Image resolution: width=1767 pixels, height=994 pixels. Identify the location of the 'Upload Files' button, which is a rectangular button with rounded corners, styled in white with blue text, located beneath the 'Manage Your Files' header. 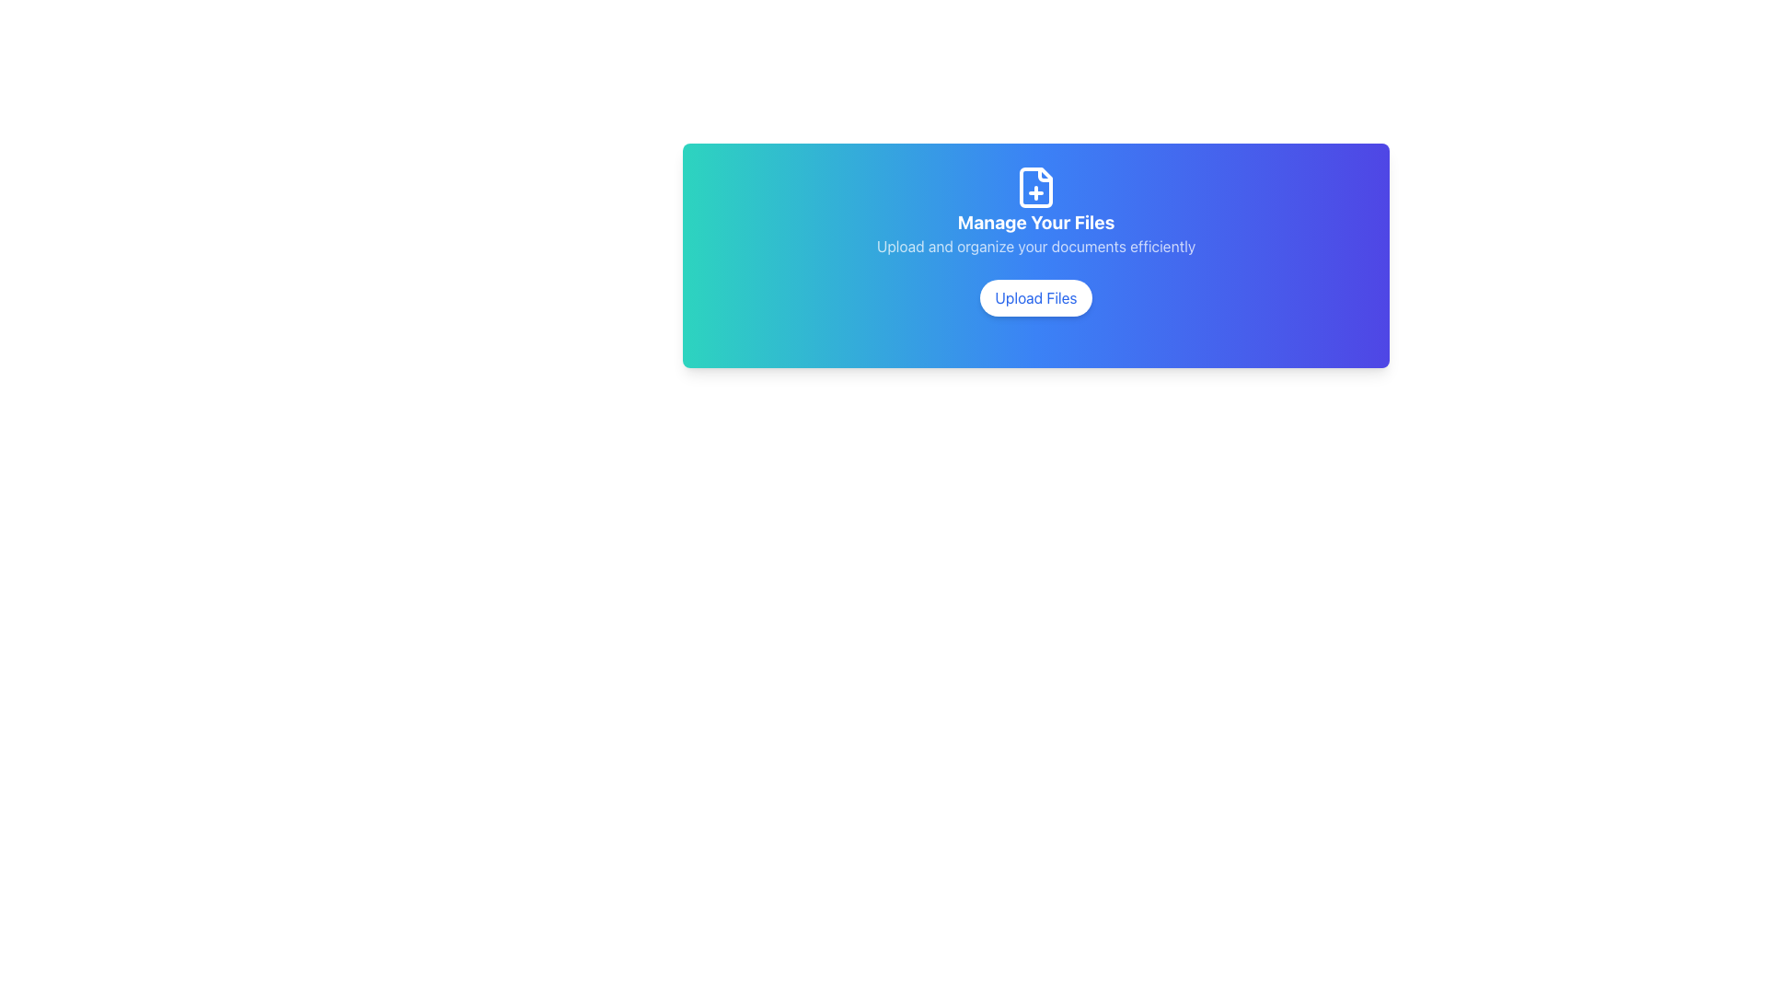
(1036, 297).